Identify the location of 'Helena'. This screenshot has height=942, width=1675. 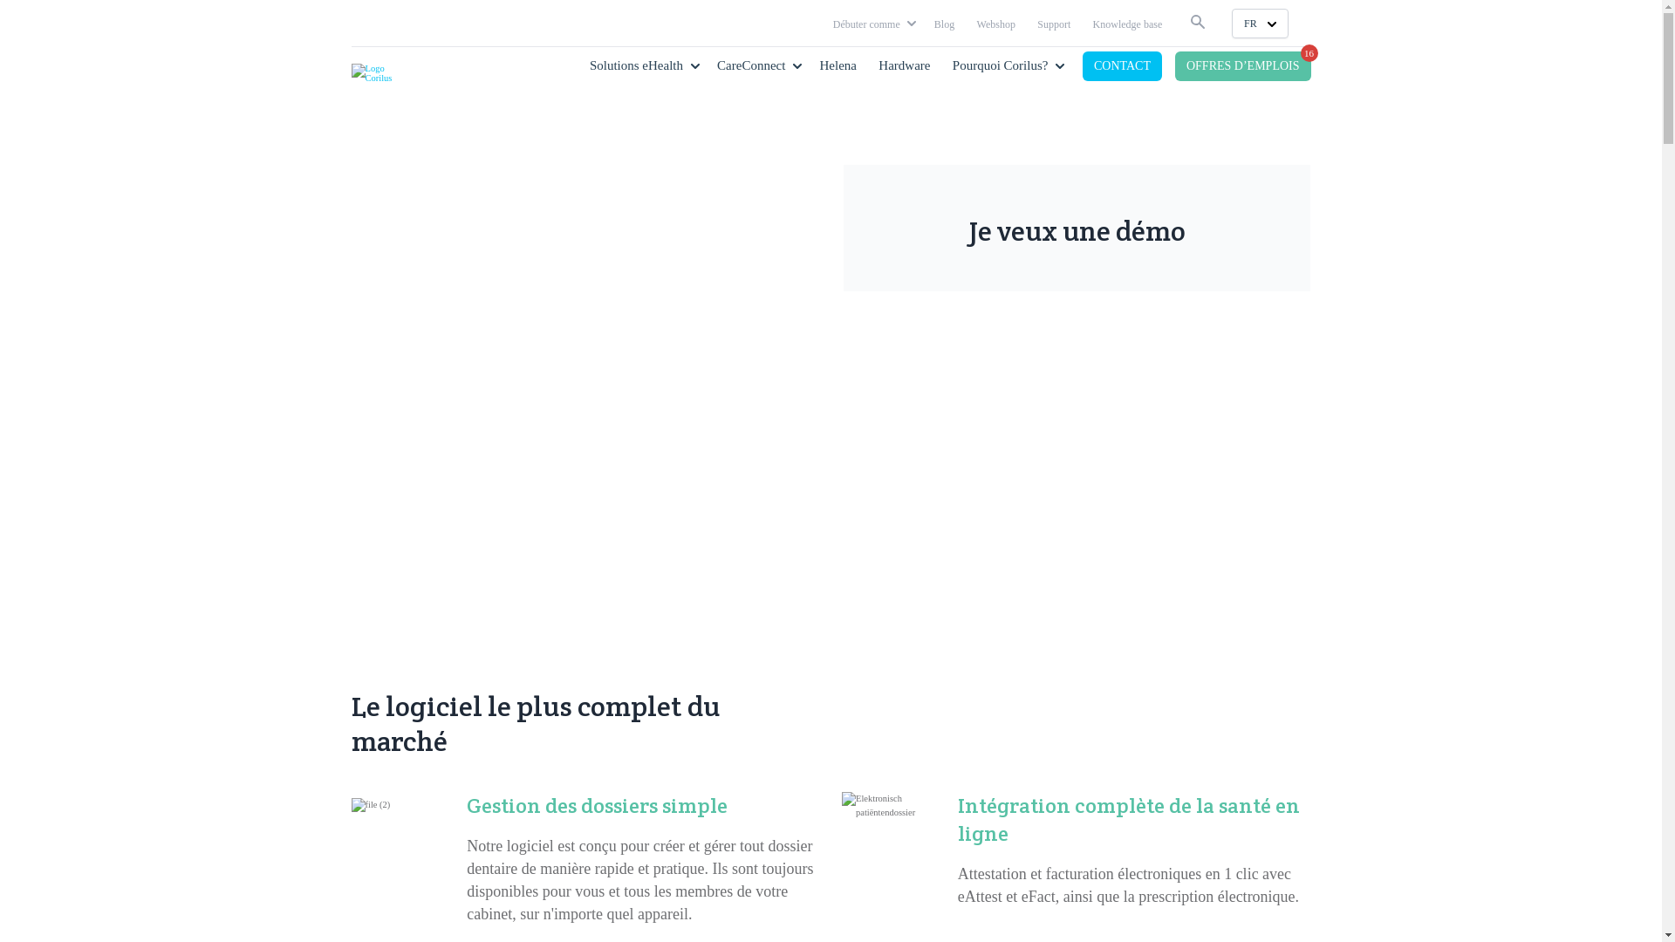
(837, 64).